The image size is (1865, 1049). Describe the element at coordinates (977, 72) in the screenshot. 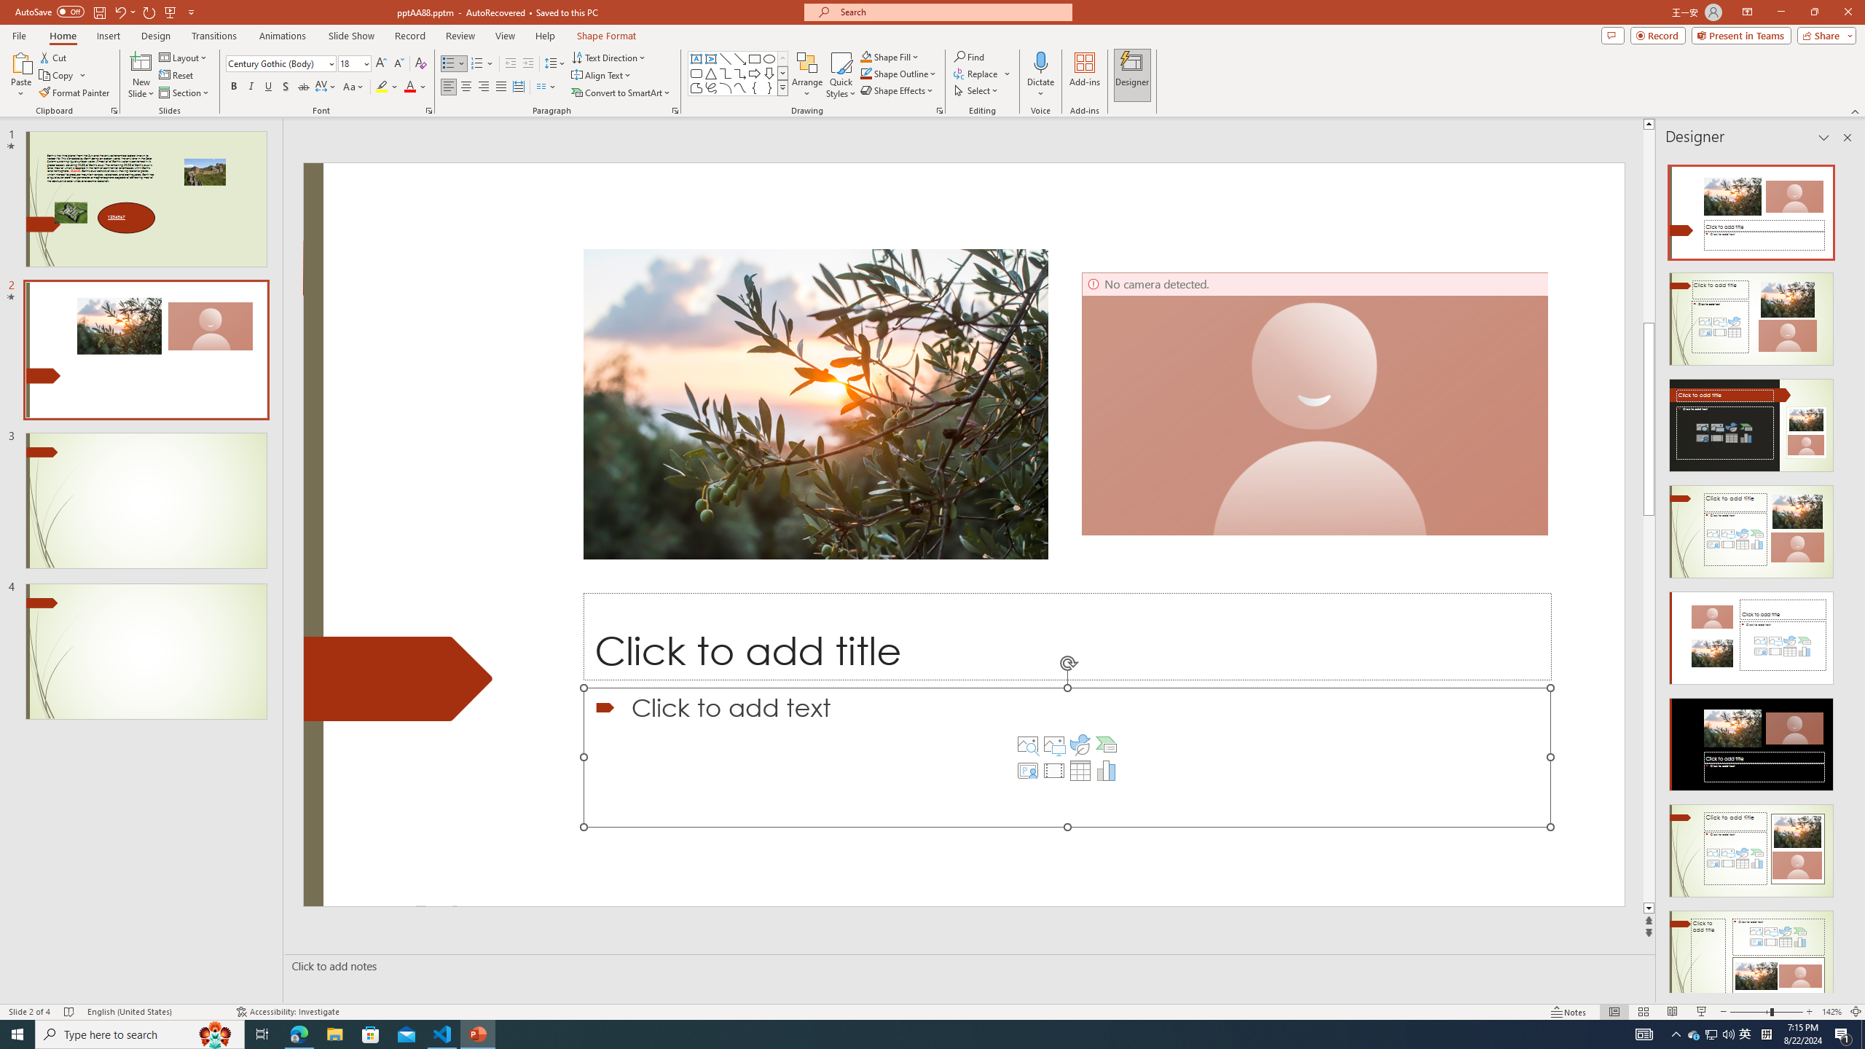

I see `'Replace...'` at that location.